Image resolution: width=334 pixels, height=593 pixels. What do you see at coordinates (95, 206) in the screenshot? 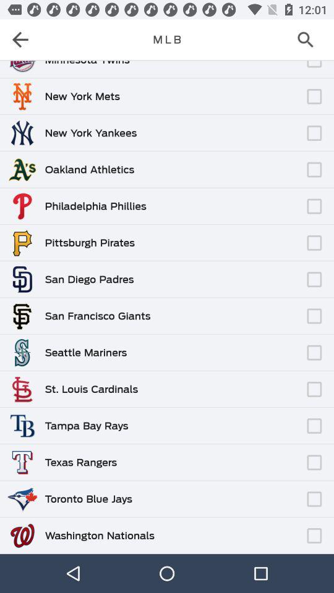
I see `philadelphia phillies` at bounding box center [95, 206].